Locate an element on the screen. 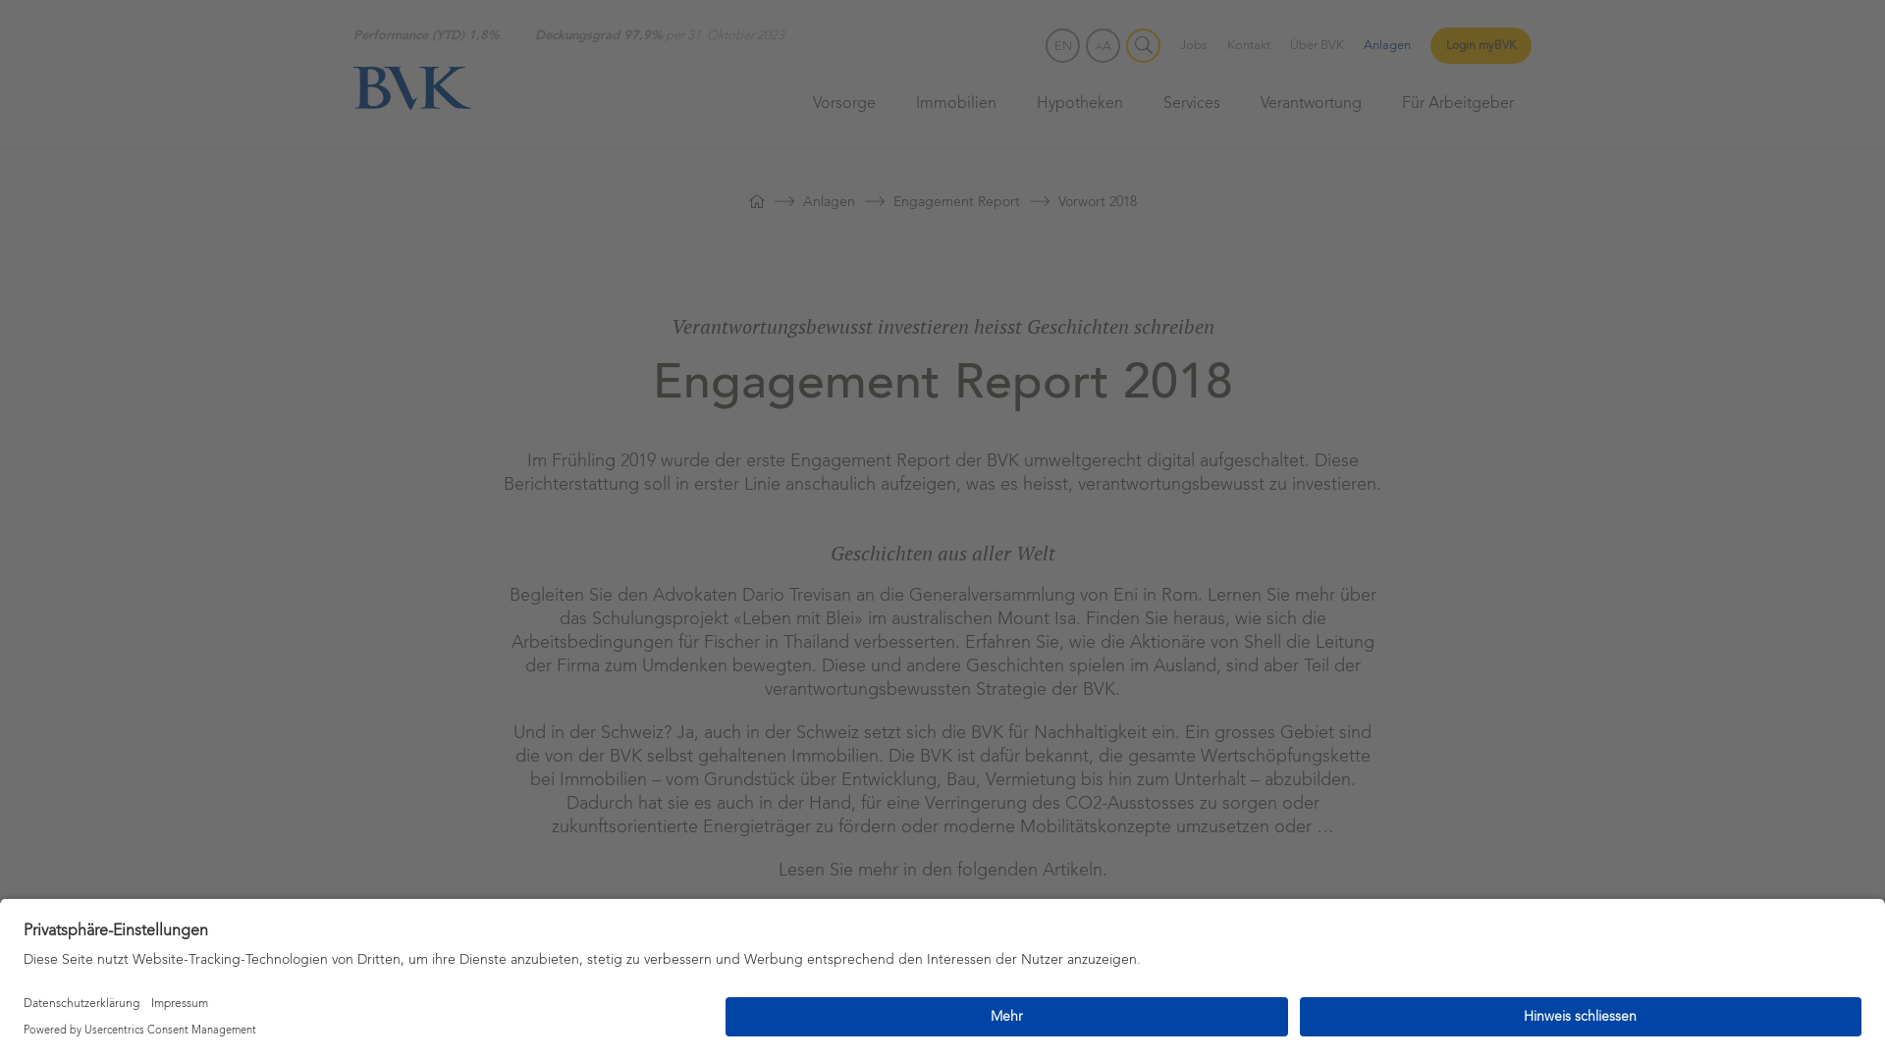 The width and height of the screenshot is (1885, 1060). 'Suche' is located at coordinates (1143, 44).